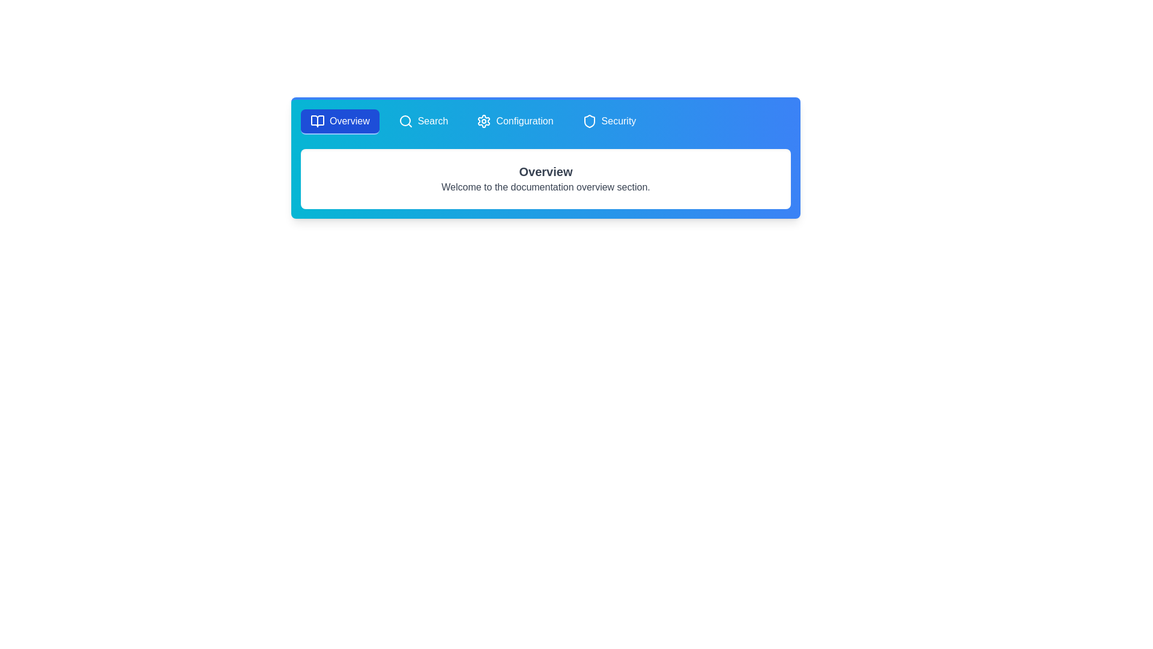 The width and height of the screenshot is (1153, 649). Describe the element at coordinates (339, 122) in the screenshot. I see `the 'Overview' button, which features a book icon and is styled with a rounded blue background and white text` at that location.